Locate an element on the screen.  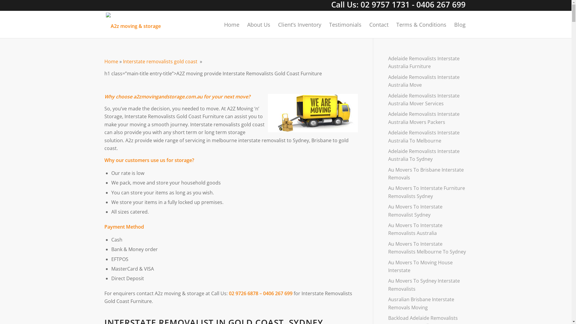
'About Us' is located at coordinates (259, 24).